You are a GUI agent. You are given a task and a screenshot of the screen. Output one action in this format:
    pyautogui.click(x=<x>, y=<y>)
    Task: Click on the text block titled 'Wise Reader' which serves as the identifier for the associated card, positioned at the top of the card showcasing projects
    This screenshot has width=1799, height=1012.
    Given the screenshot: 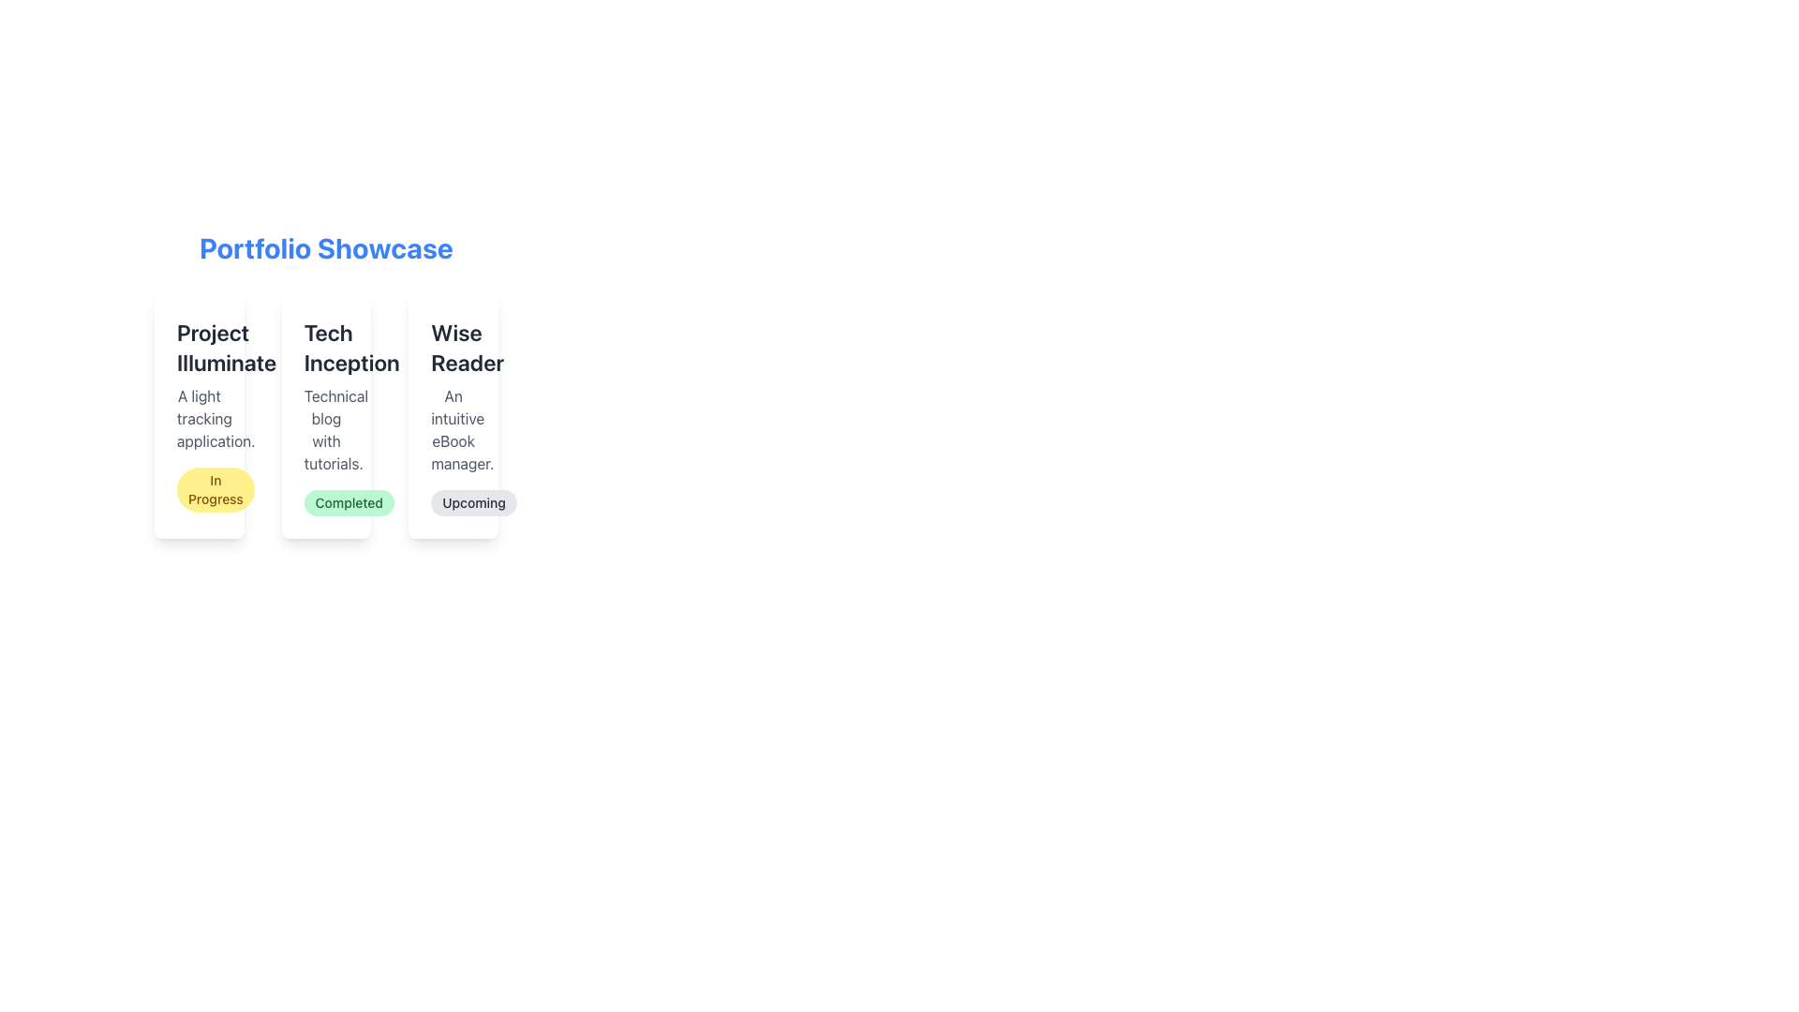 What is the action you would take?
    pyautogui.click(x=453, y=347)
    